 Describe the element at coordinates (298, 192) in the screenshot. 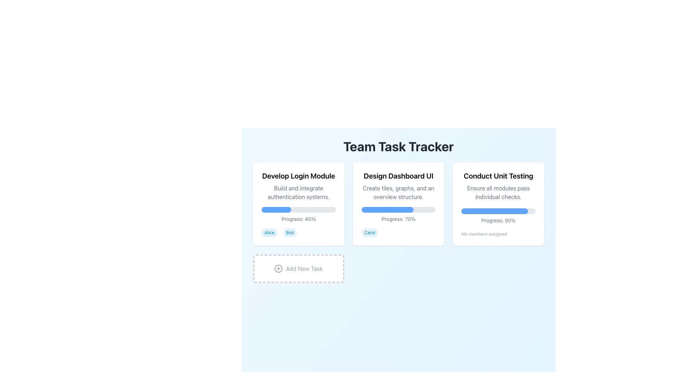

I see `the second text item under the title 'Develop Login Module' in the first task card, which provides a detailed description of the task` at that location.